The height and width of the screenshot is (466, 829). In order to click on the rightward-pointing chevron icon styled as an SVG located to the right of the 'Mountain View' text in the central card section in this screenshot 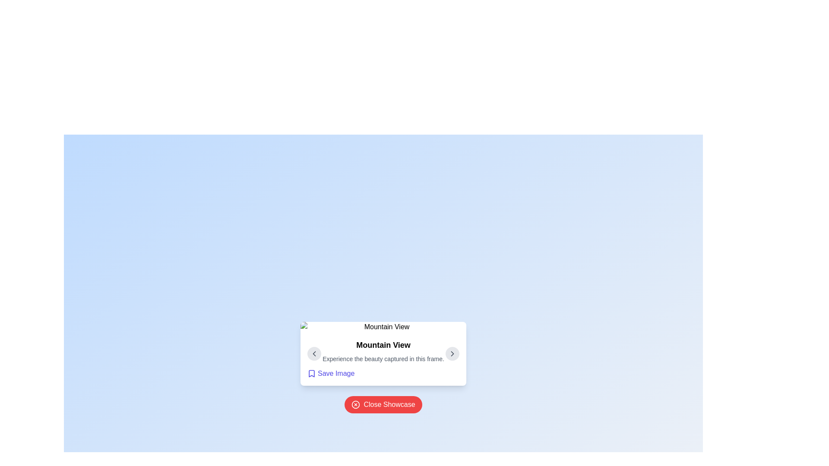, I will do `click(452, 354)`.